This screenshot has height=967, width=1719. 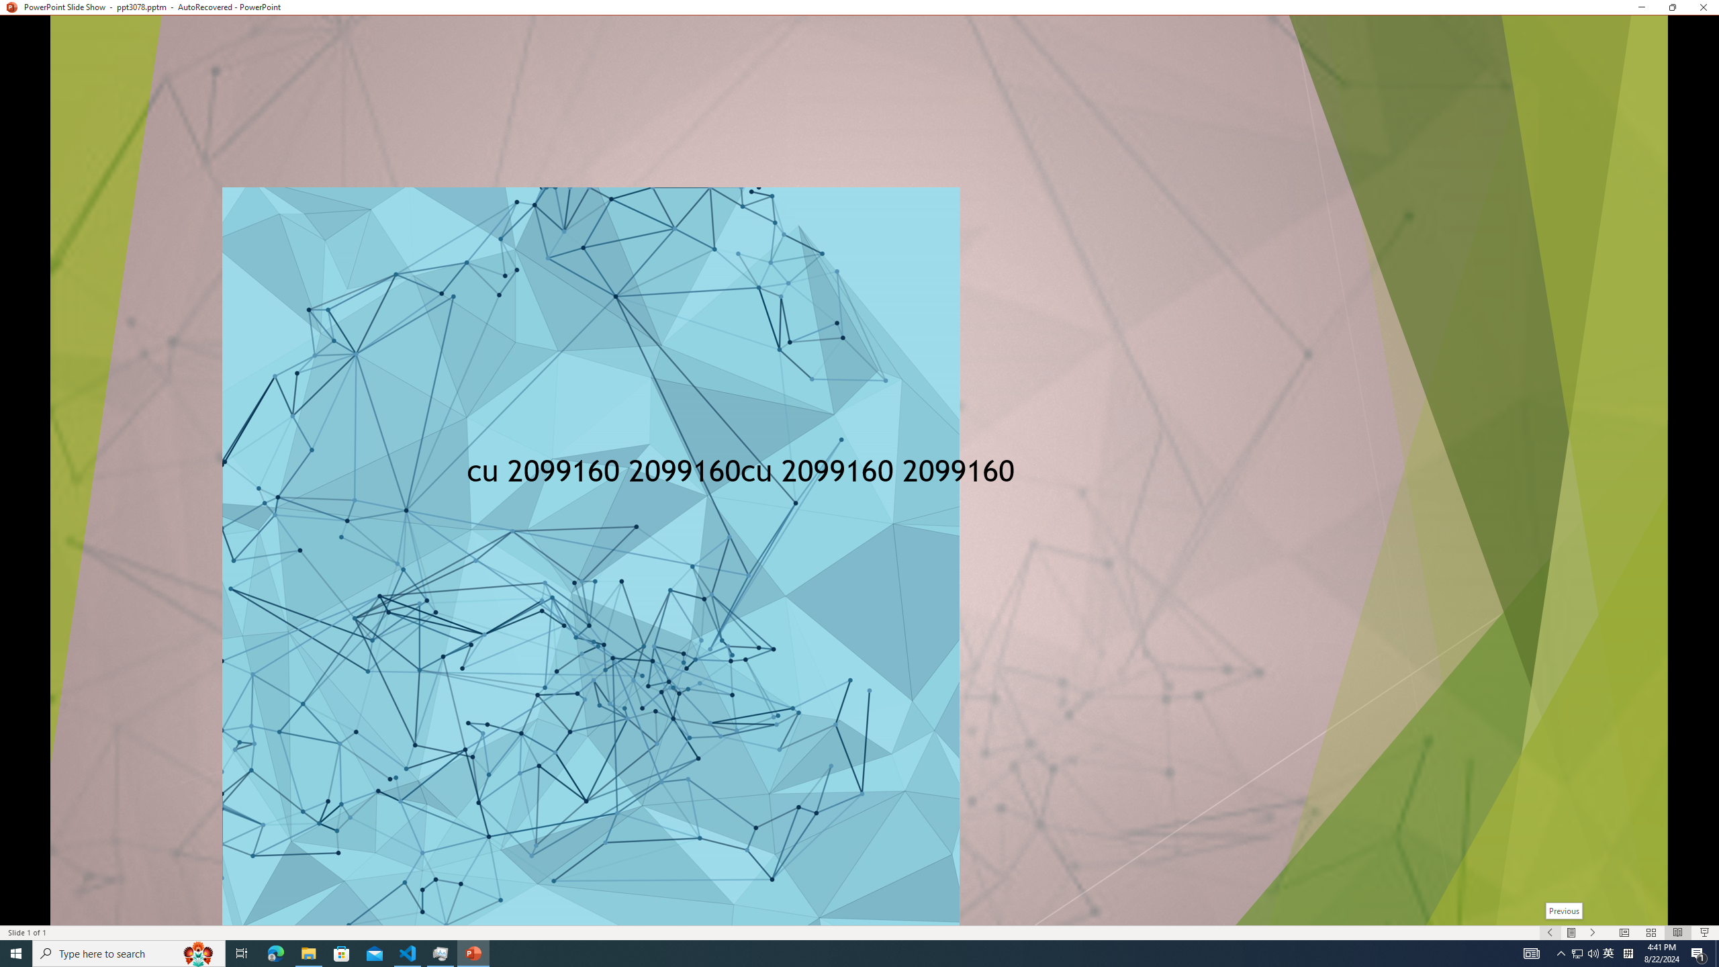 What do you see at coordinates (1593, 933) in the screenshot?
I see `'Slide Show Next On'` at bounding box center [1593, 933].